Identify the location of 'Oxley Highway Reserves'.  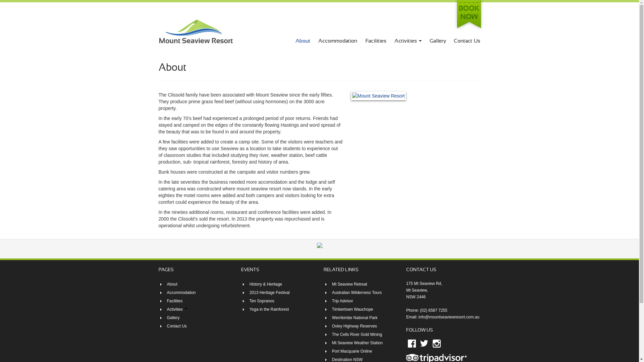
(354, 325).